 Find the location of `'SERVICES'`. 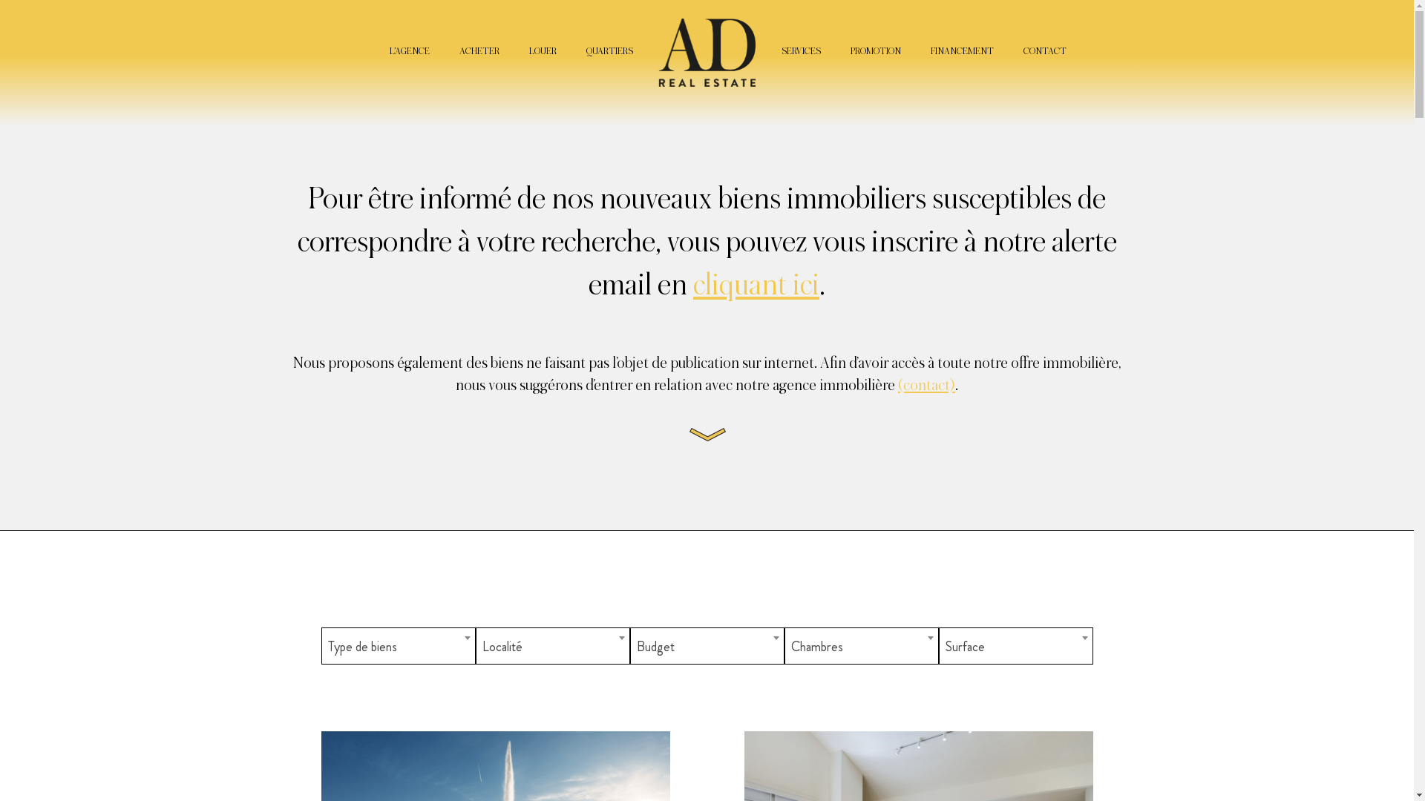

'SERVICES' is located at coordinates (799, 50).